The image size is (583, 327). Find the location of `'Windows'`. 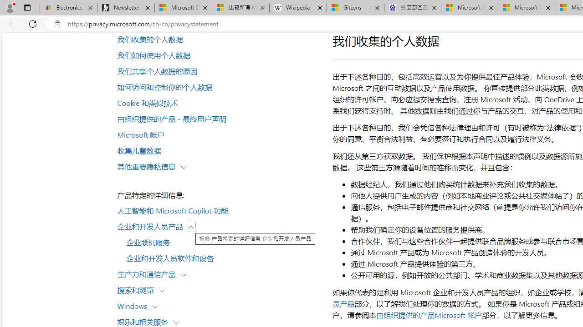

'Windows' is located at coordinates (134, 305).